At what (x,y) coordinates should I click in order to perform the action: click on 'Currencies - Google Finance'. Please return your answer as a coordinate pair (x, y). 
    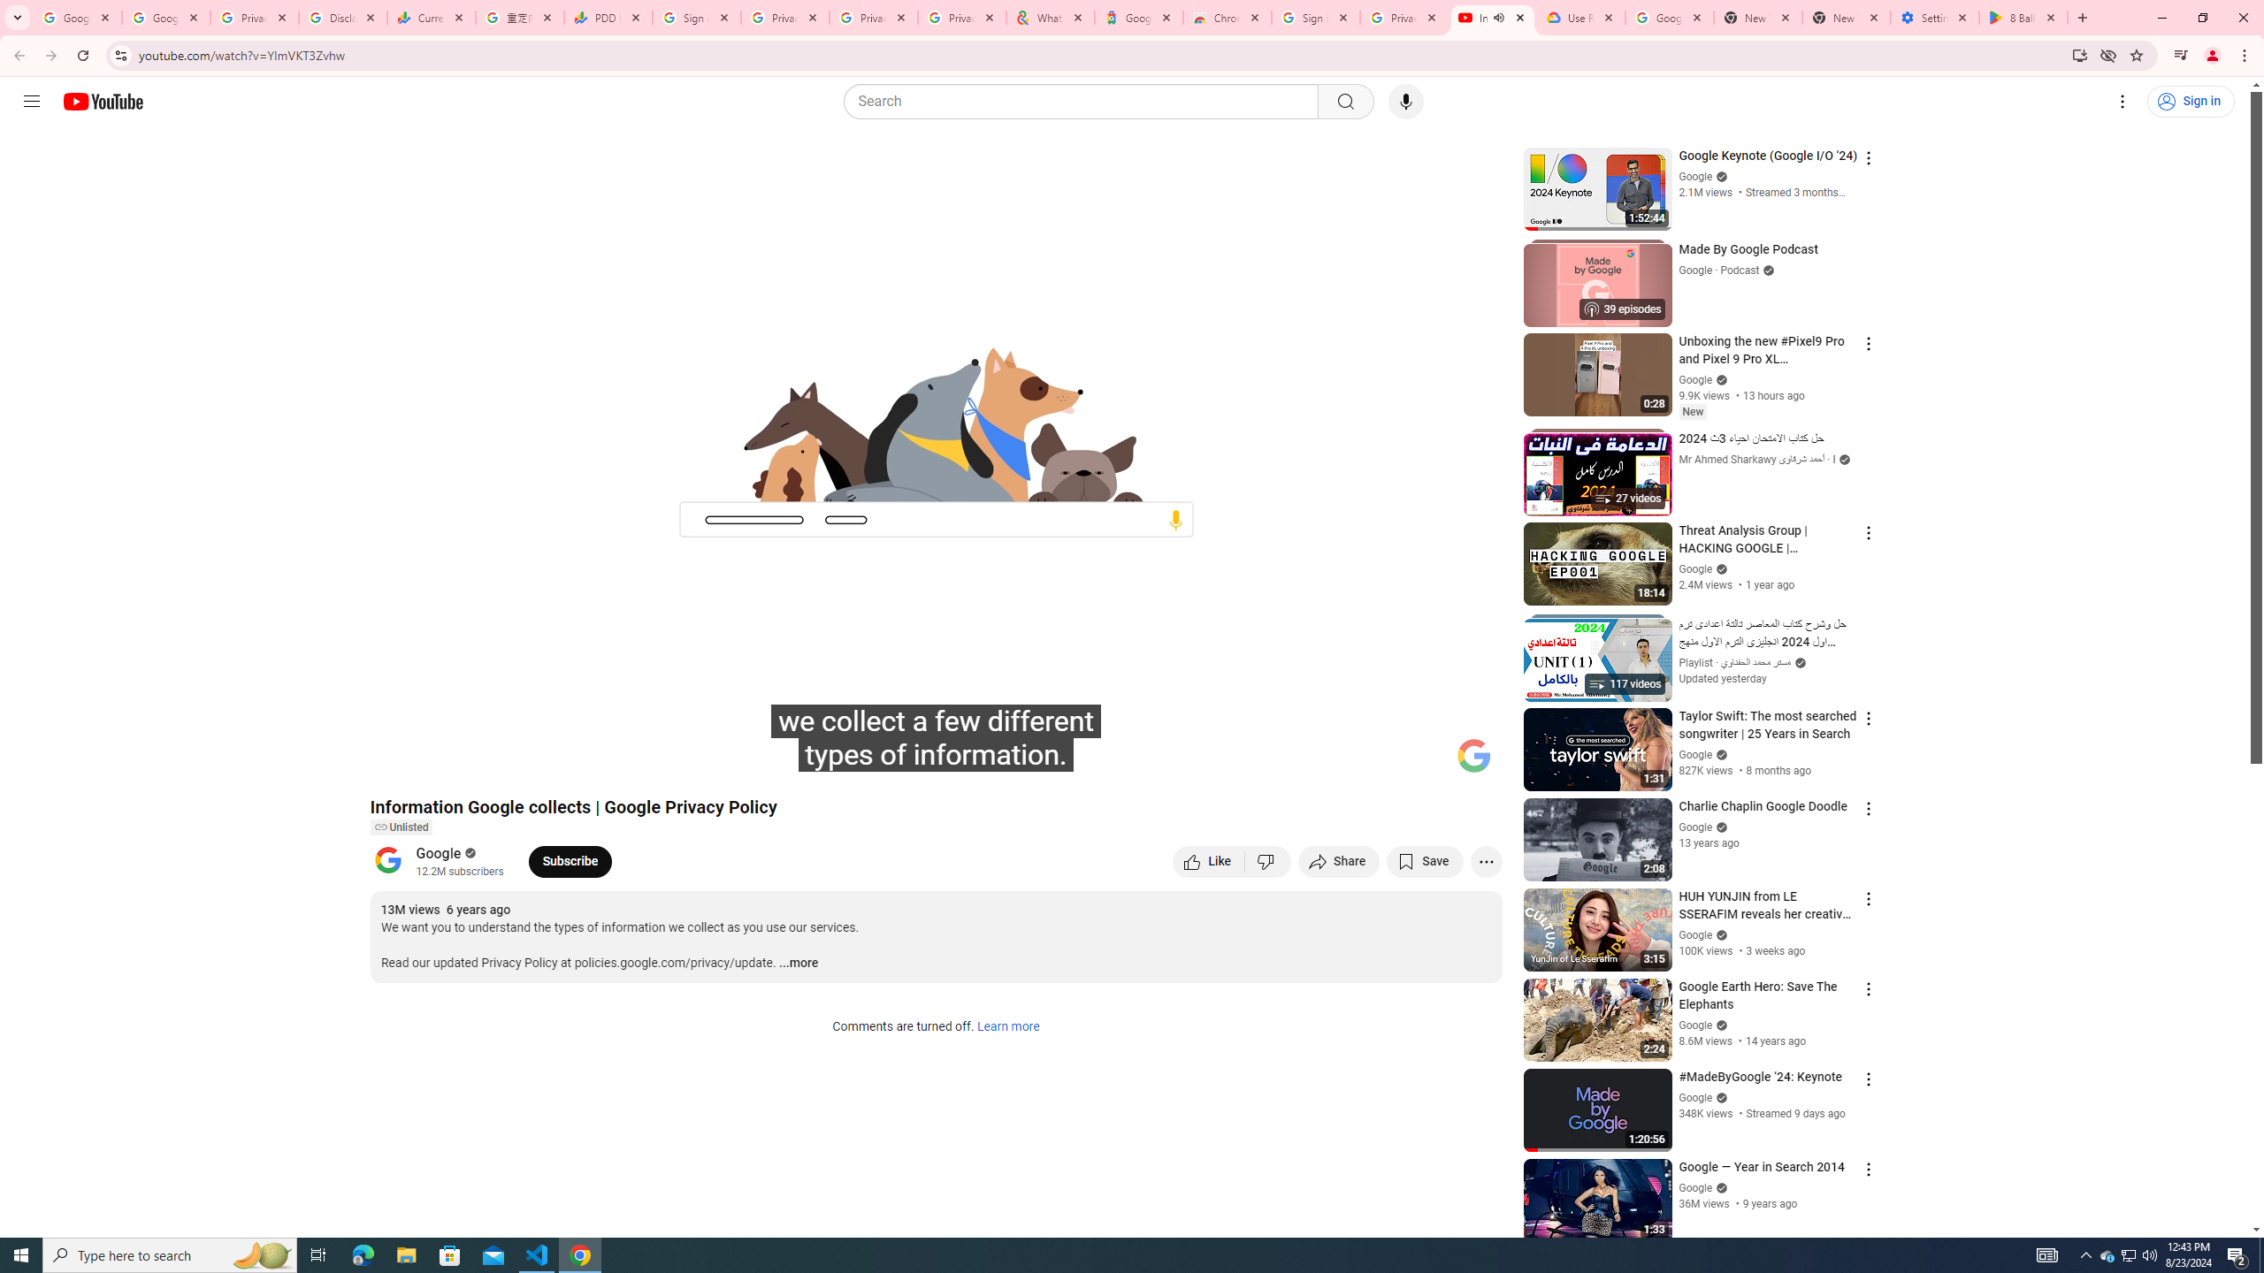
    Looking at the image, I should click on (432, 17).